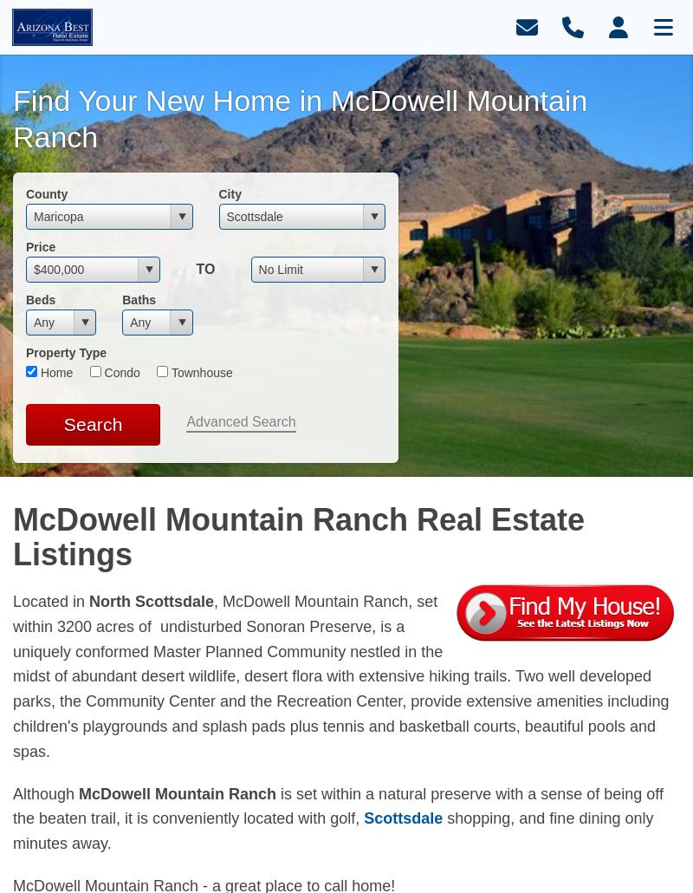 The image size is (693, 893). Describe the element at coordinates (39, 299) in the screenshot. I see `'Beds'` at that location.